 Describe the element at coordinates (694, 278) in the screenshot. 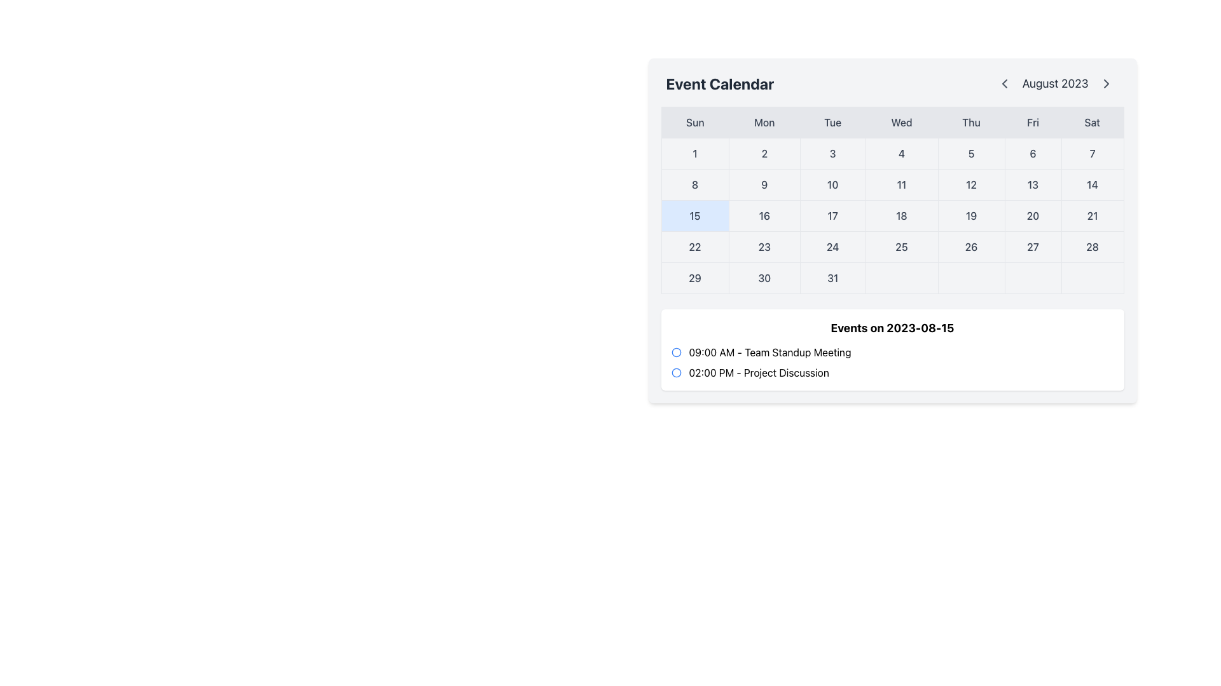

I see `the calendar date cell displaying the number '29' in bold, dark gray text with a light gray background, located in the last row of the grid layout` at that location.